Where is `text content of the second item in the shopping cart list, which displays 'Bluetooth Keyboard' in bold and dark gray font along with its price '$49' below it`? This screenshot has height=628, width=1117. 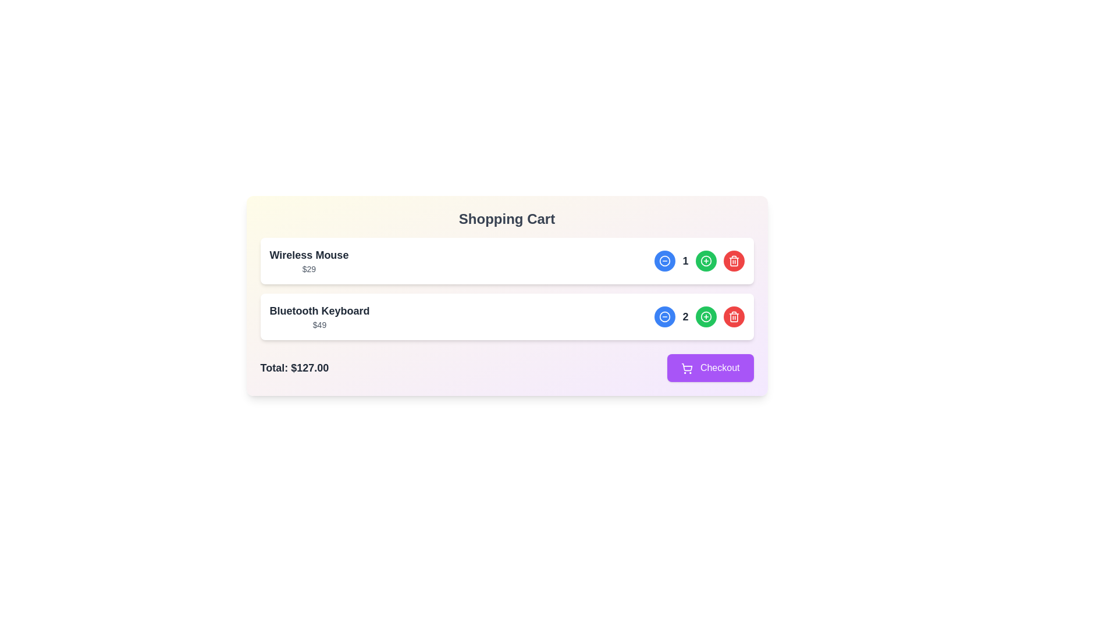 text content of the second item in the shopping cart list, which displays 'Bluetooth Keyboard' in bold and dark gray font along with its price '$49' below it is located at coordinates (319, 316).